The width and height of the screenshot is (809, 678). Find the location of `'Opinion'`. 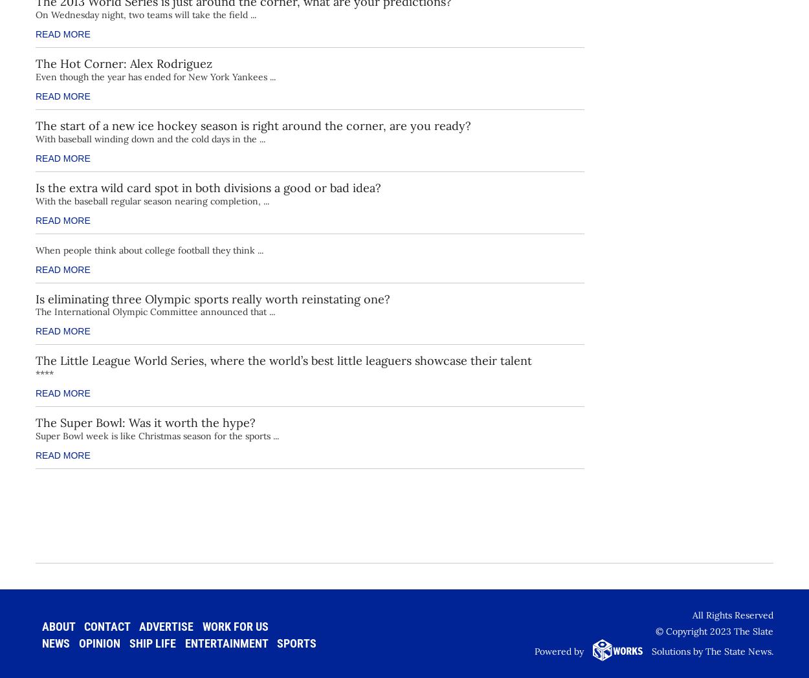

'Opinion' is located at coordinates (100, 642).